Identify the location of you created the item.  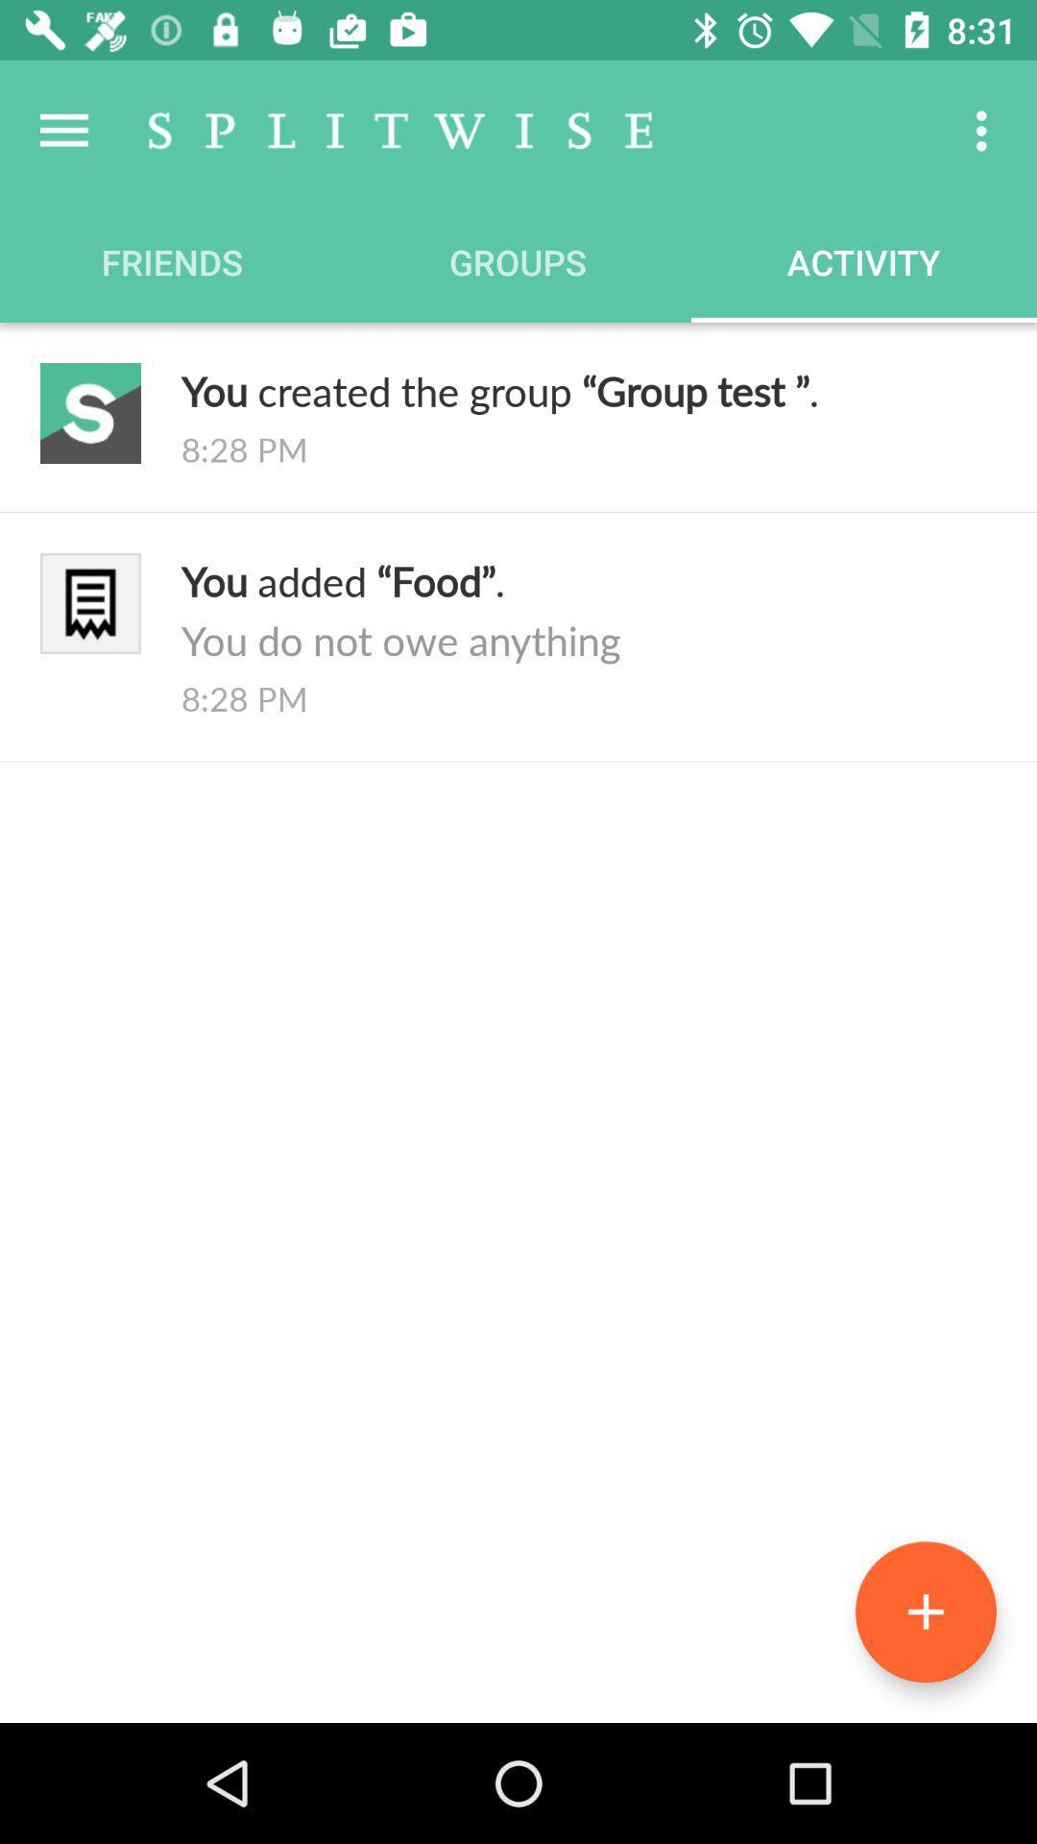
(588, 389).